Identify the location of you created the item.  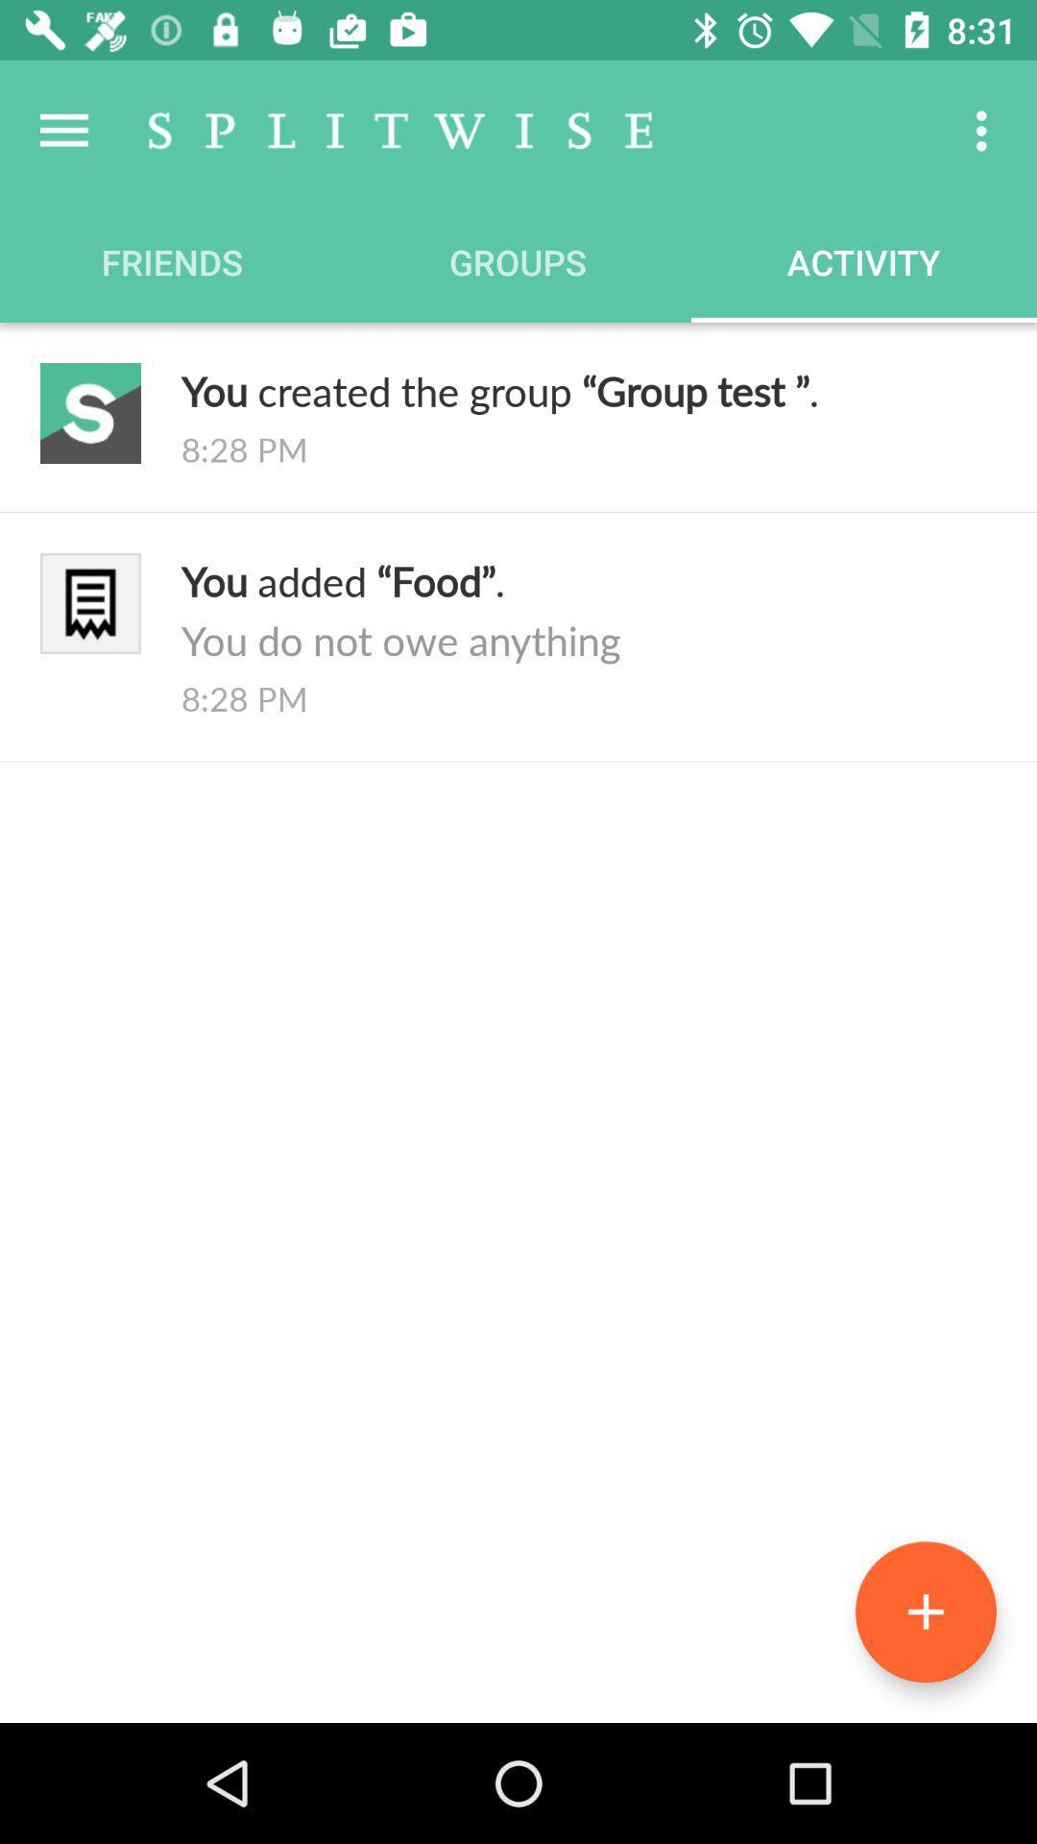
(588, 389).